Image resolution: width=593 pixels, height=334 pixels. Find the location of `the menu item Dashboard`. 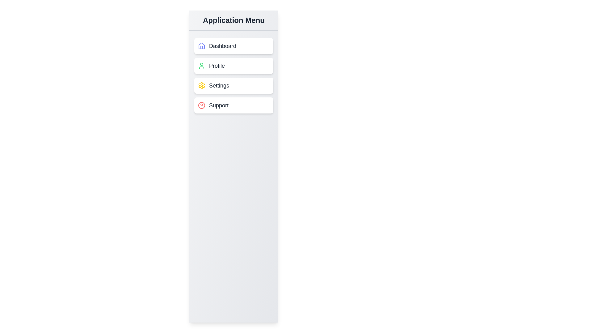

the menu item Dashboard is located at coordinates (233, 46).